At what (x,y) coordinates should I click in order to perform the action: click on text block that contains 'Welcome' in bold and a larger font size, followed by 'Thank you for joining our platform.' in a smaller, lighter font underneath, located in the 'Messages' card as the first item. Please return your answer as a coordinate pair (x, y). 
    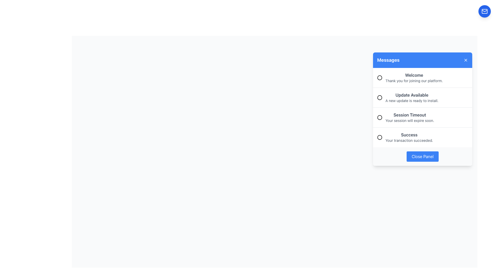
    Looking at the image, I should click on (414, 78).